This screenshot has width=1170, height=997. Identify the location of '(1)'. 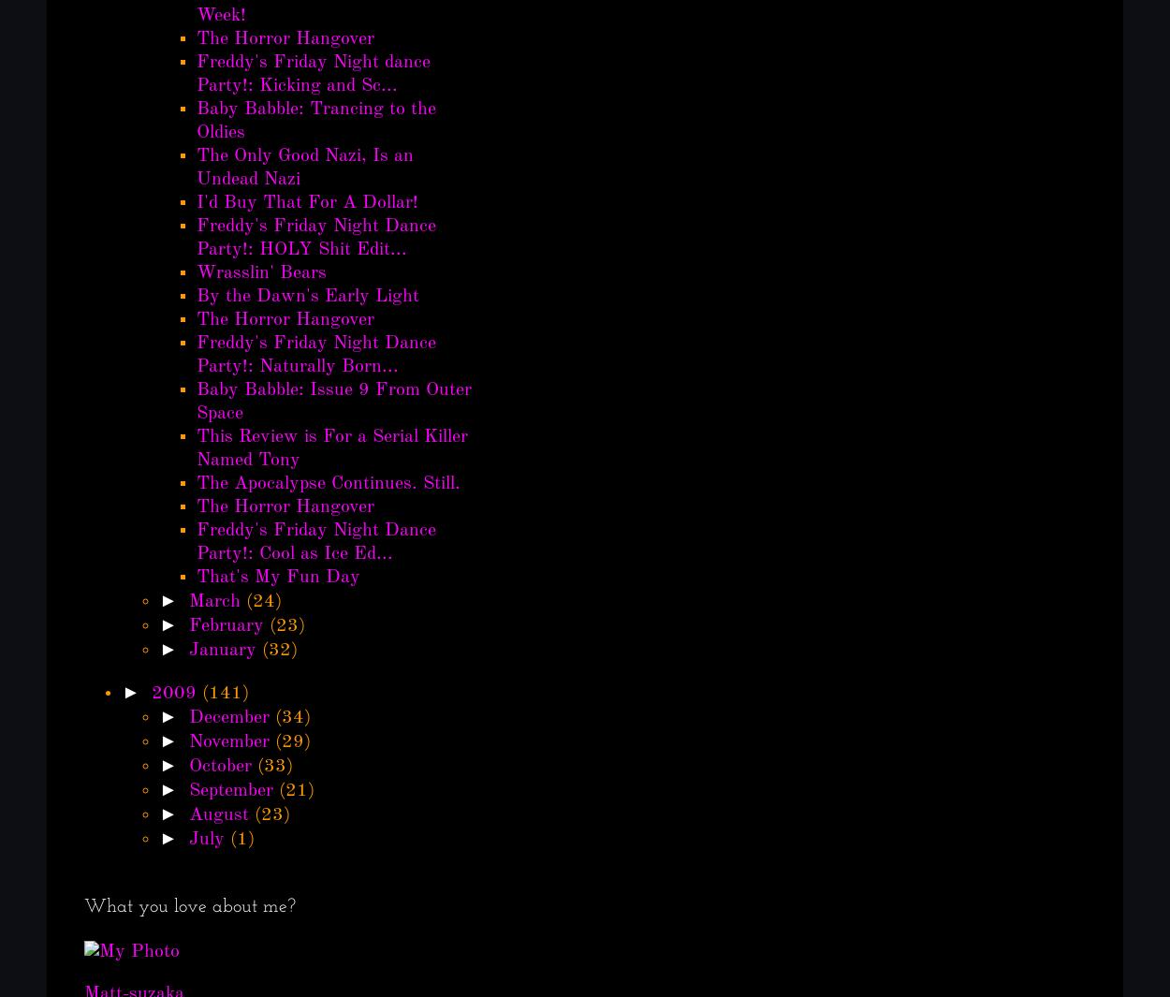
(241, 840).